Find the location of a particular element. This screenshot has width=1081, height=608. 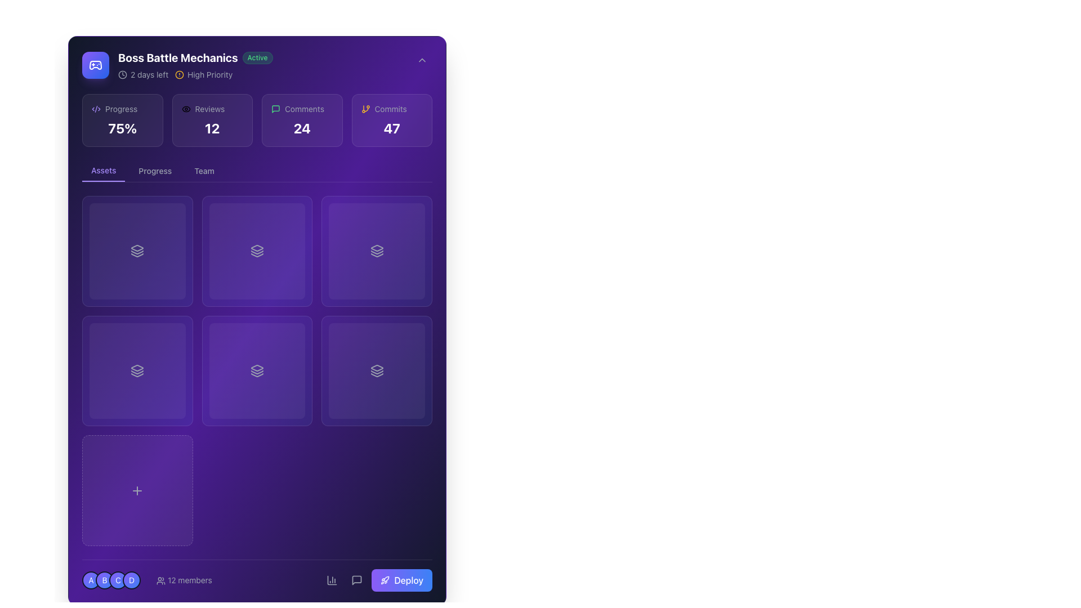

the Information Card that displays the summary of progress within the section, positioned at the top-left corner of the group is located at coordinates (122, 120).